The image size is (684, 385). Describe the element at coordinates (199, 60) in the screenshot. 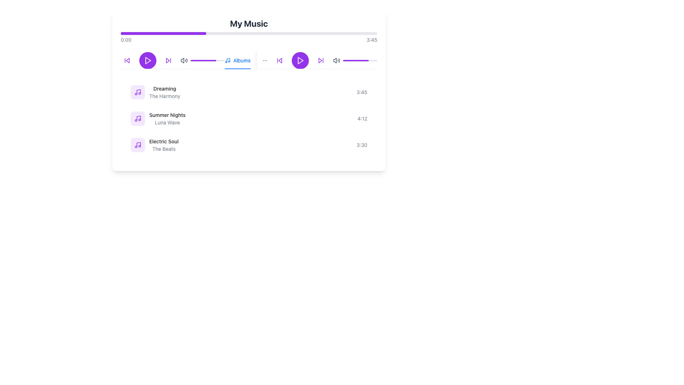

I see `the progress value` at that location.